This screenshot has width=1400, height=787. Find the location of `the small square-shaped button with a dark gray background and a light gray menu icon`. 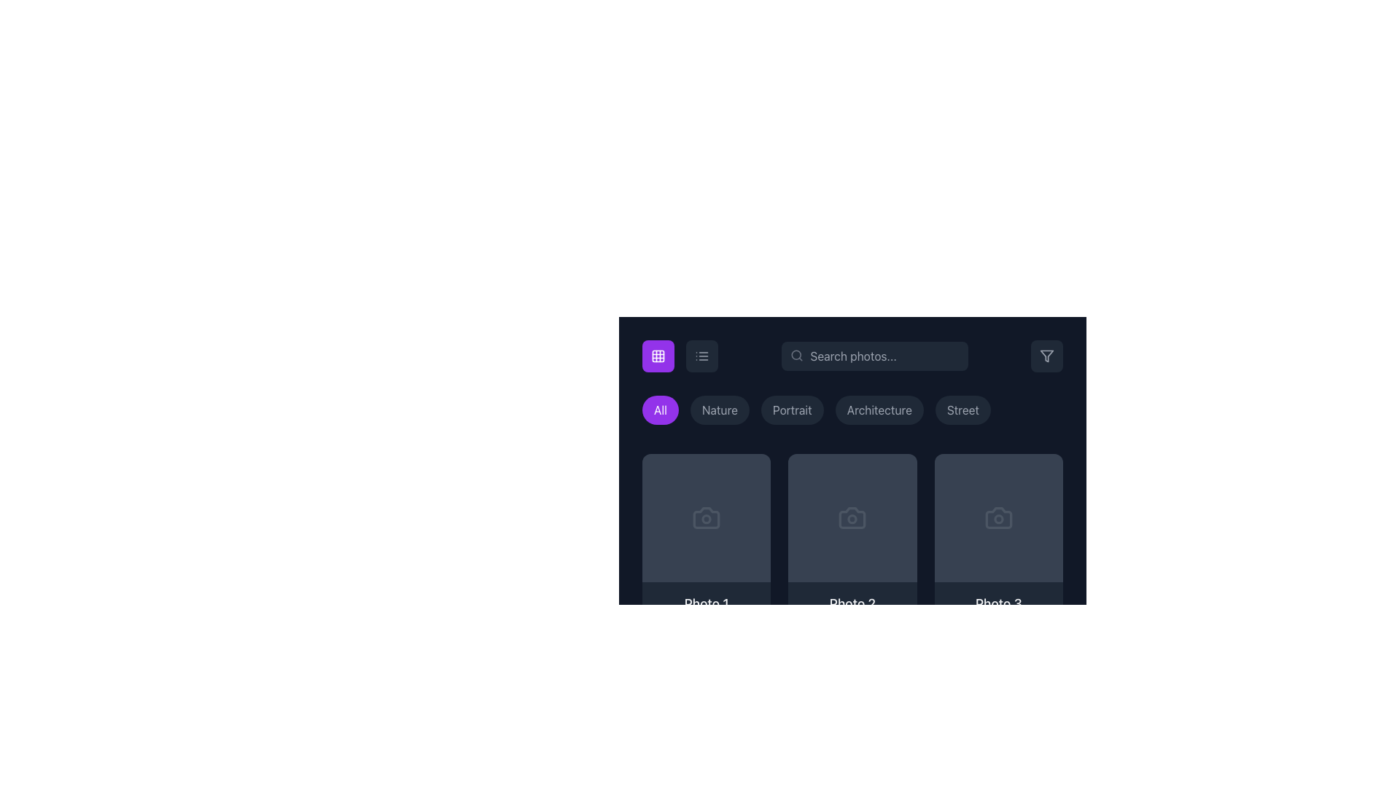

the small square-shaped button with a dark gray background and a light gray menu icon is located at coordinates (702, 356).